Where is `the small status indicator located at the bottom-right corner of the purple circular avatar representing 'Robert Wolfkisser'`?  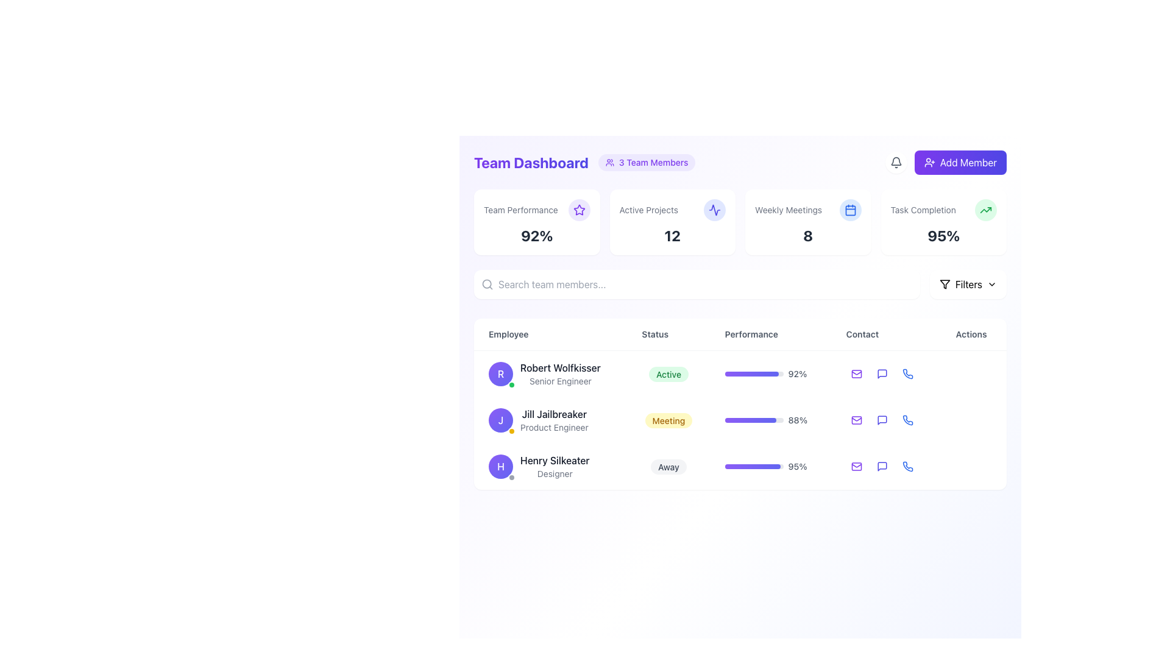 the small status indicator located at the bottom-right corner of the purple circular avatar representing 'Robert Wolfkisser' is located at coordinates (512, 385).